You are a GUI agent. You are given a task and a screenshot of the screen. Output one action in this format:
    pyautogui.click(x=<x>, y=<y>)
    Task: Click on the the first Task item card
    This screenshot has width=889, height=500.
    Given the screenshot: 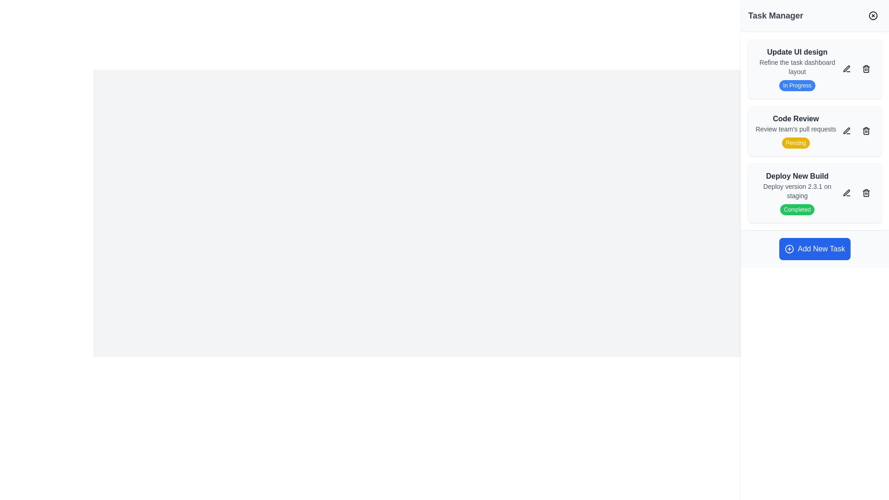 What is the action you would take?
    pyautogui.click(x=797, y=69)
    